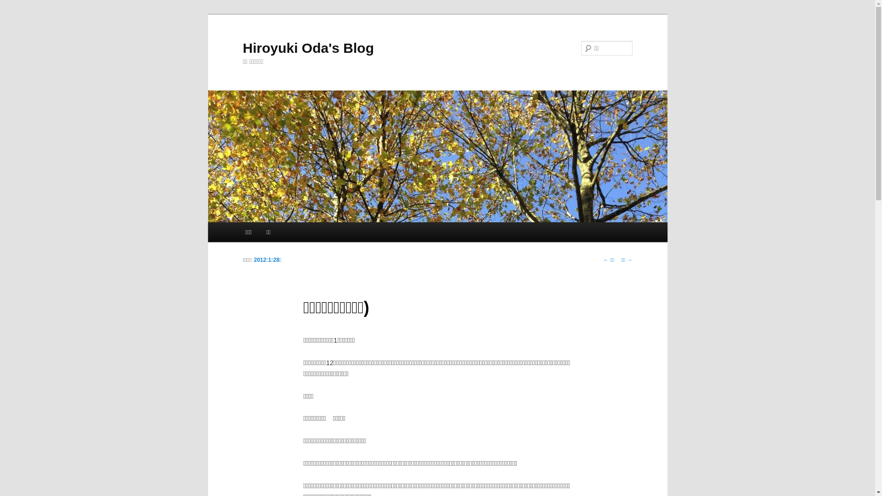  Describe the element at coordinates (308, 48) in the screenshot. I see `'Hiroyuki Oda's Blog'` at that location.